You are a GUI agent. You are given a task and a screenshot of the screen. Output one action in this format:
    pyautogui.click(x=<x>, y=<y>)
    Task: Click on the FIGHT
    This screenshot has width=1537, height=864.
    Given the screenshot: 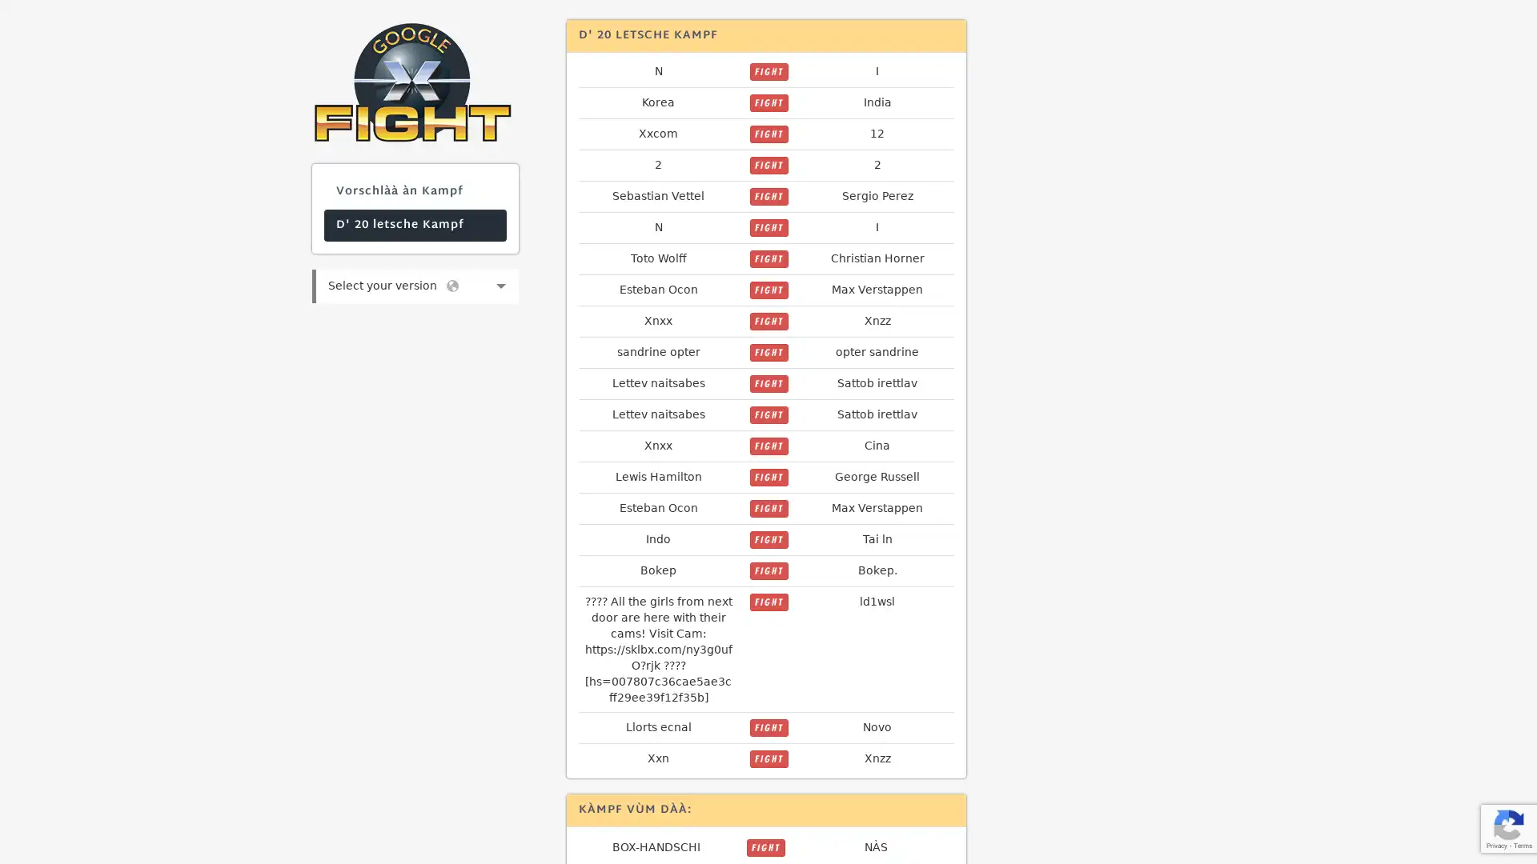 What is the action you would take?
    pyautogui.click(x=768, y=351)
    